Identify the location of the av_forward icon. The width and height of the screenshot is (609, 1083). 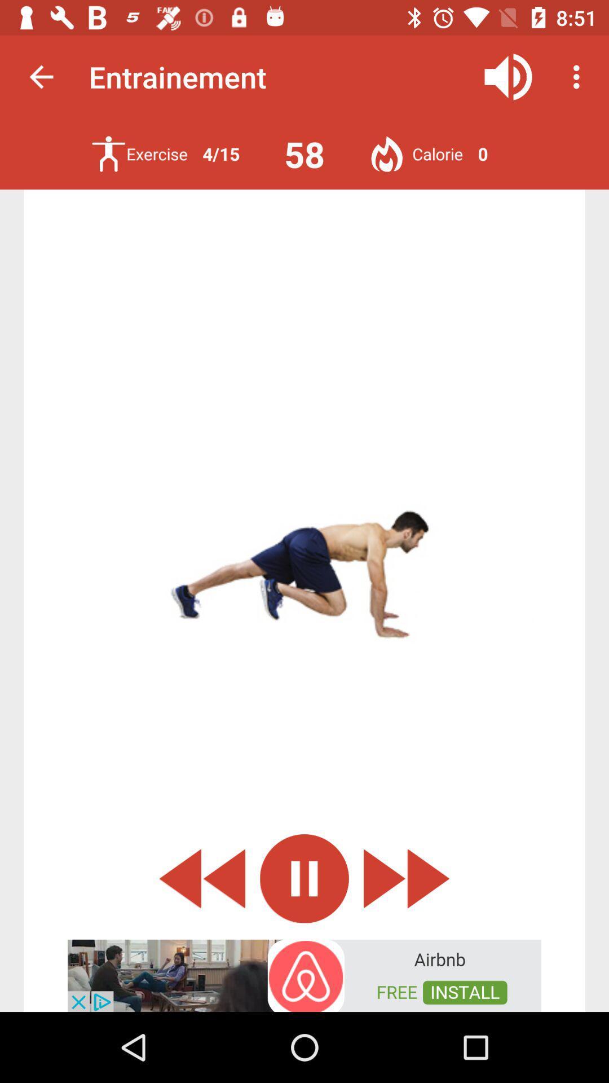
(407, 878).